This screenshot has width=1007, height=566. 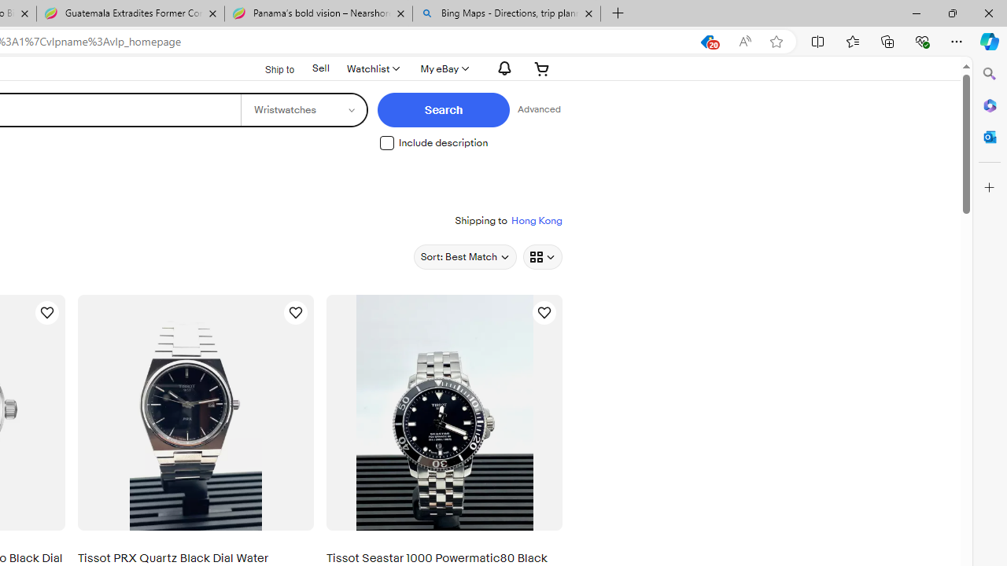 I want to click on 'Watchlist', so click(x=371, y=68).